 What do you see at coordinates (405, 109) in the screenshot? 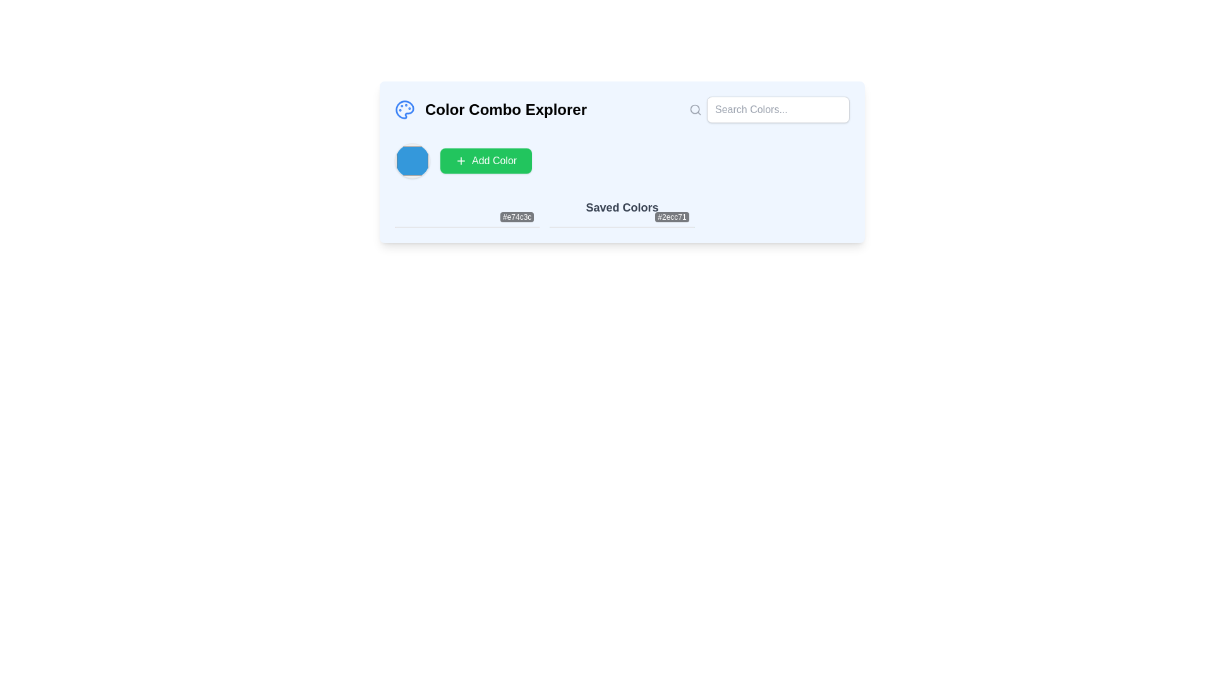
I see `the Decorative Icon located in the top-left section of the interface, adjacent to the text 'Color Combo Explorer'` at bounding box center [405, 109].